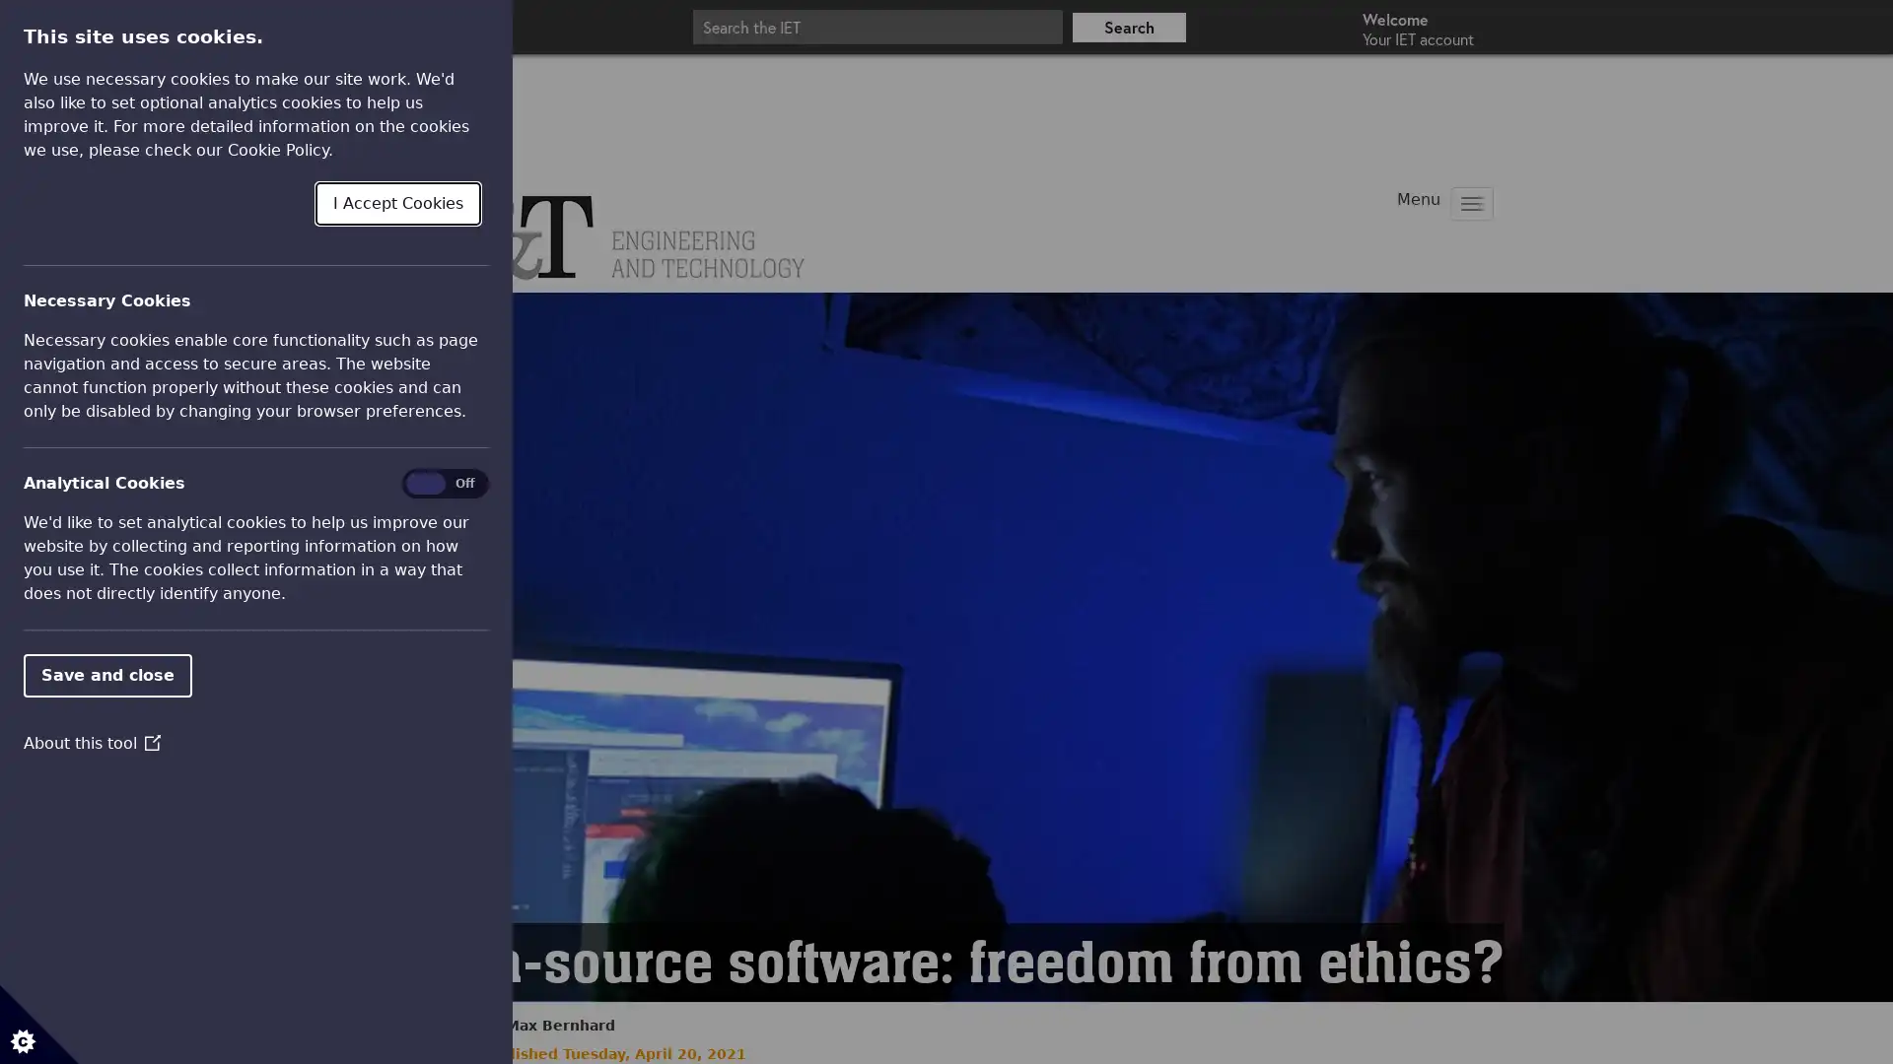  Describe the element at coordinates (1129, 27) in the screenshot. I see `Search` at that location.